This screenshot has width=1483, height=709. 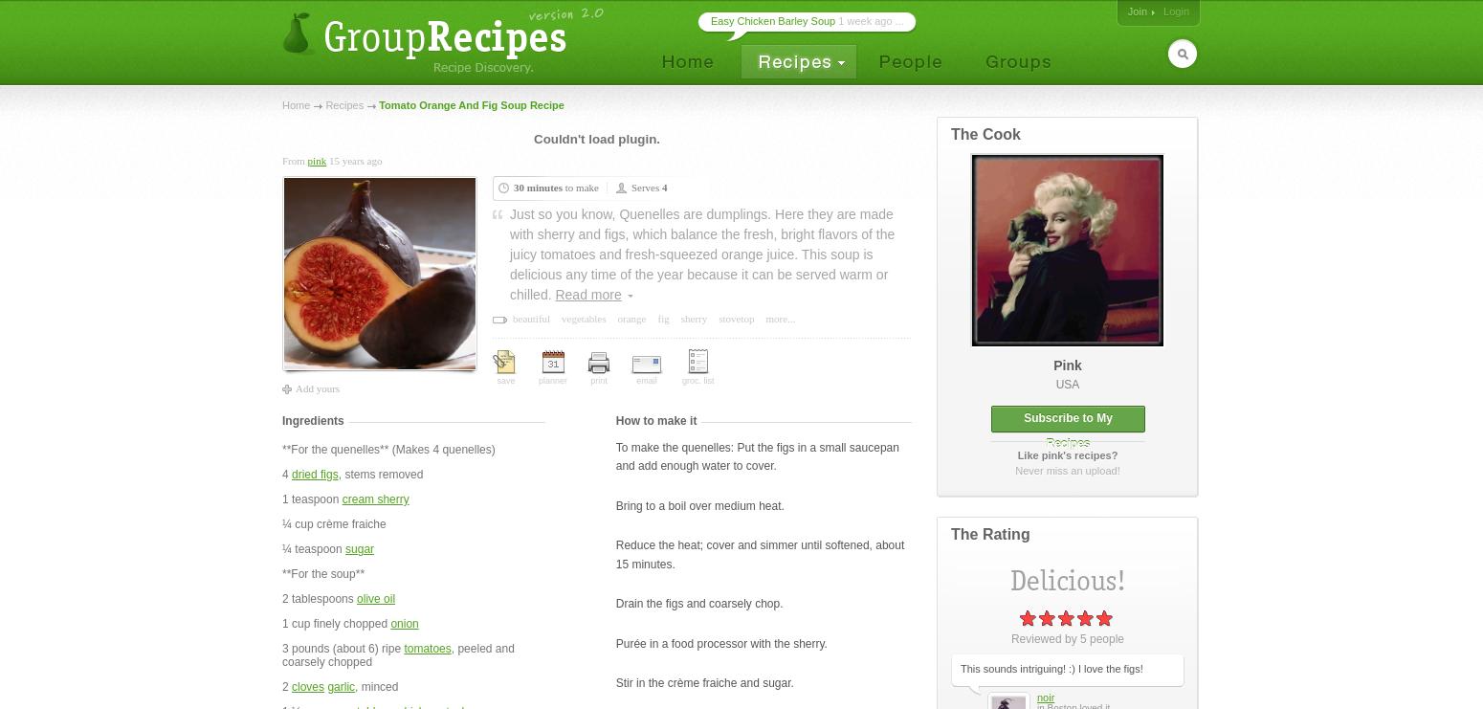 What do you see at coordinates (355, 598) in the screenshot?
I see `'olive oil'` at bounding box center [355, 598].